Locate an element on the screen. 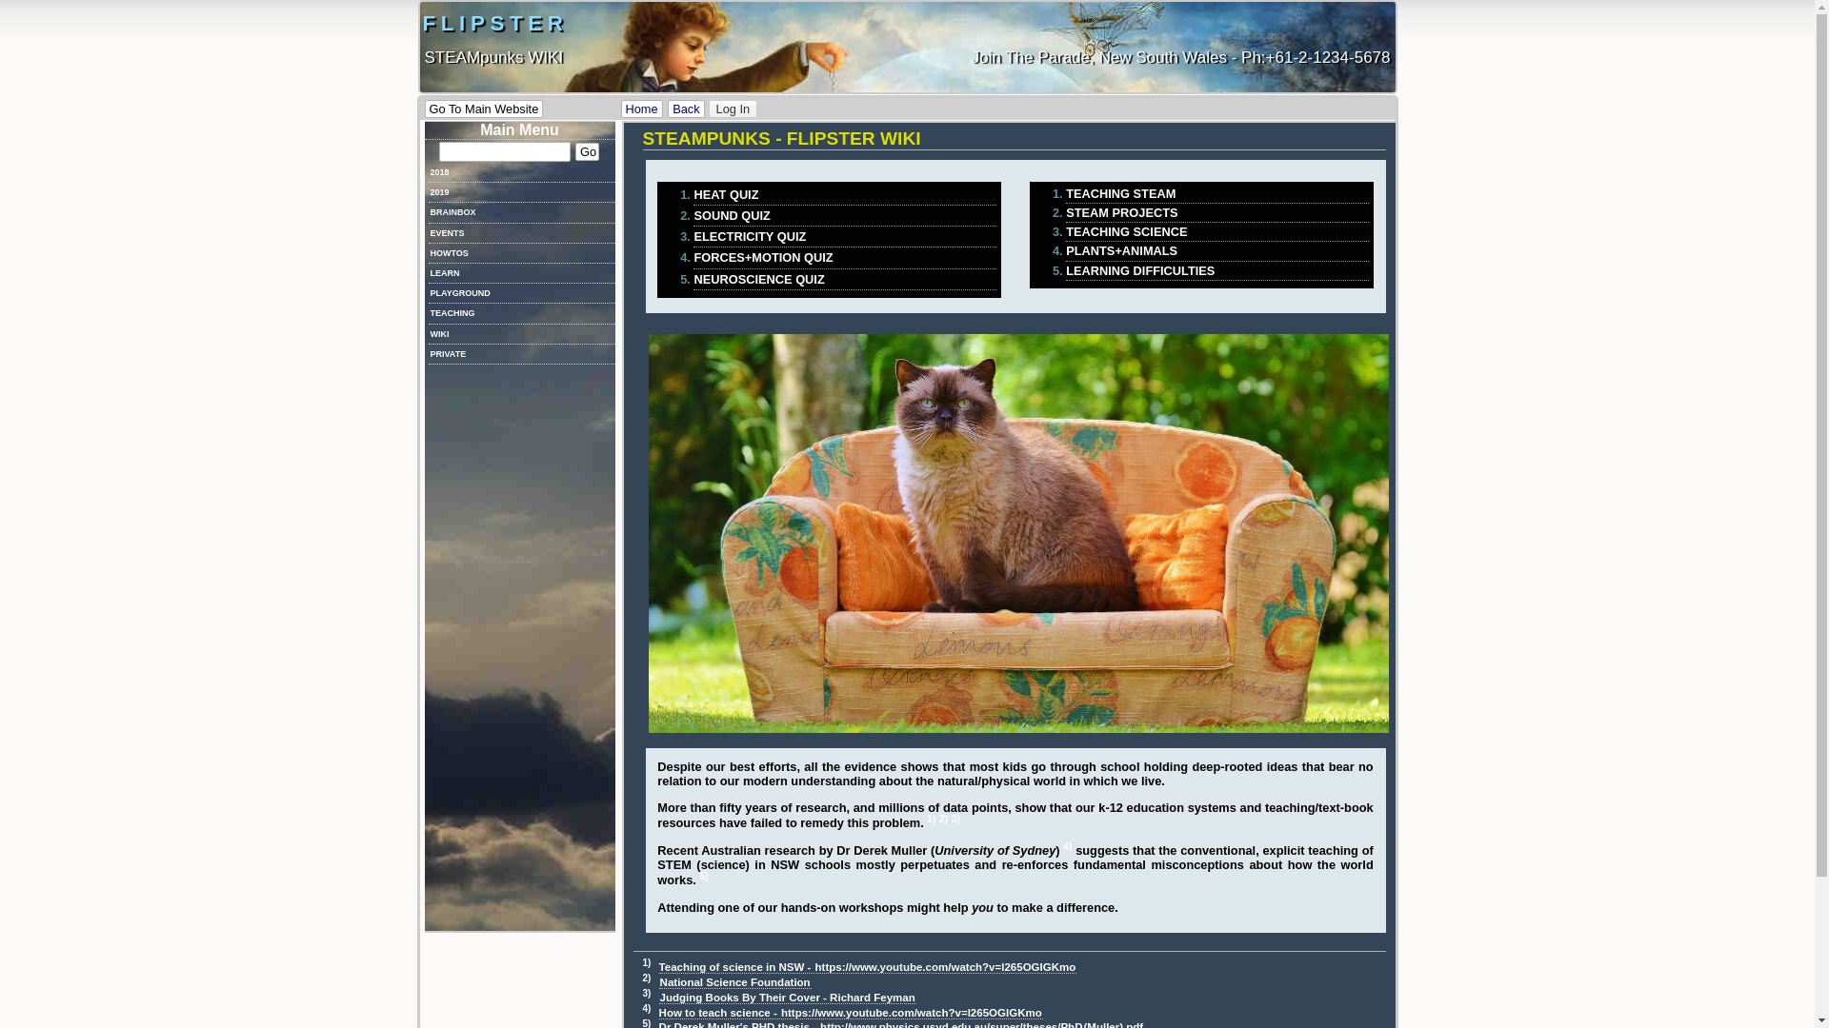  'HOWTOS' is located at coordinates (521, 252).